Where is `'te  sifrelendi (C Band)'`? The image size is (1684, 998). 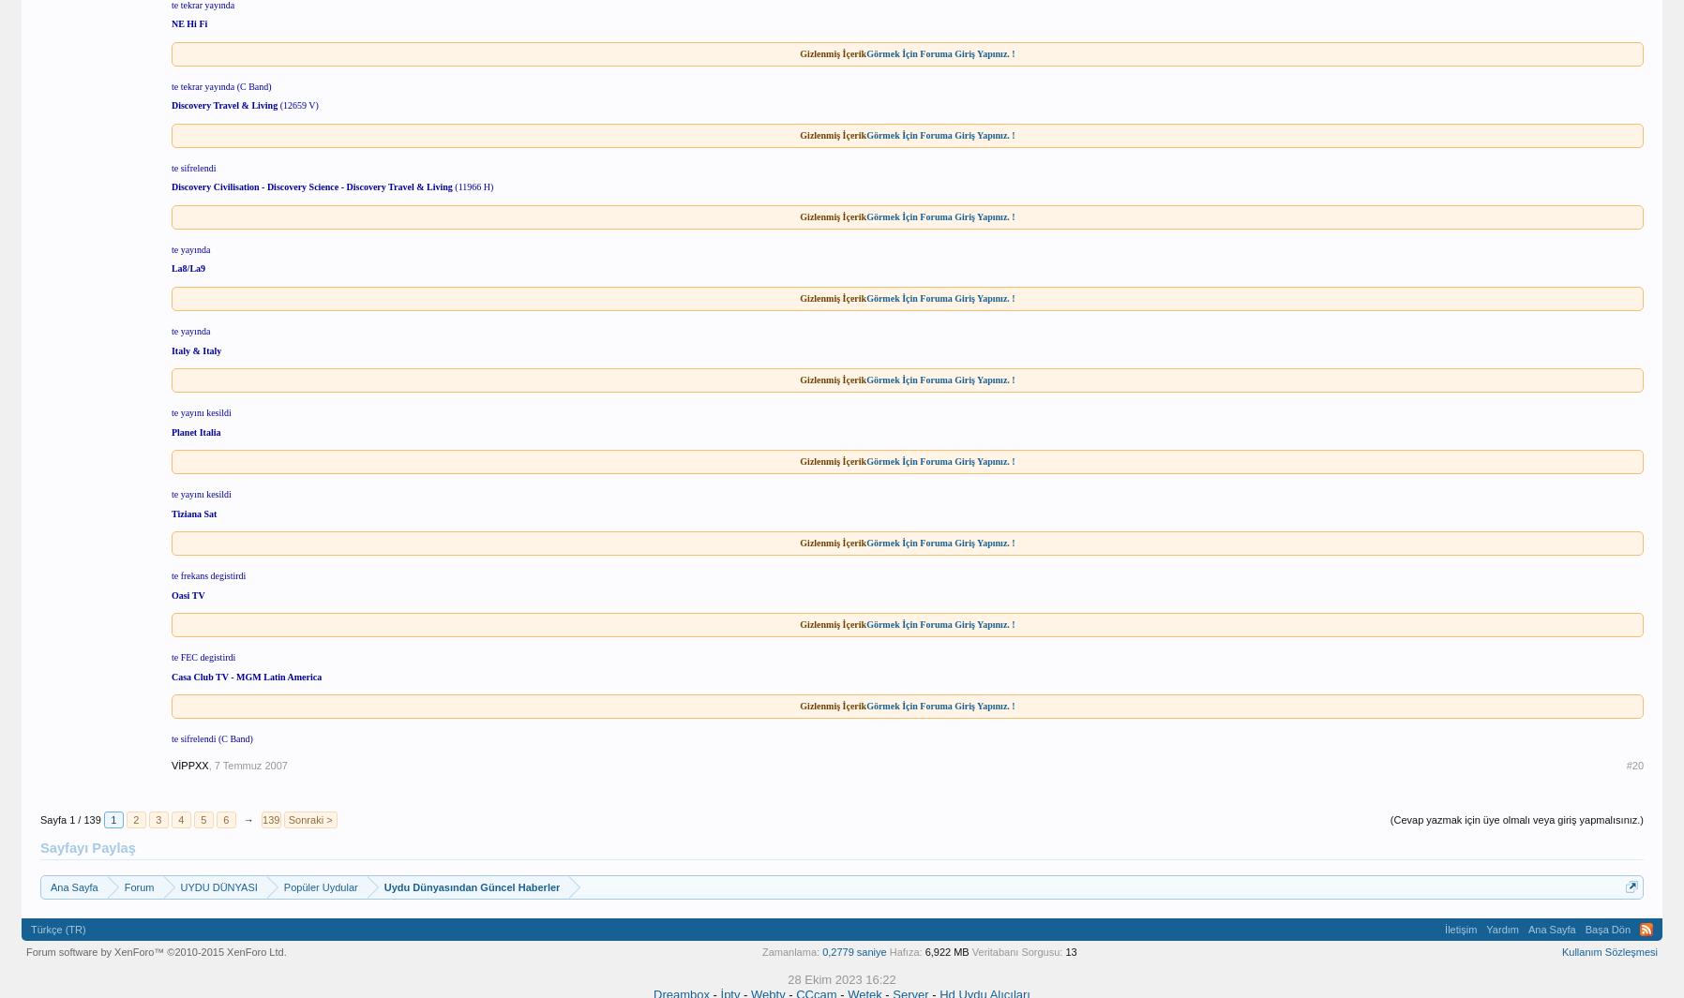 'te  sifrelendi (C Band)' is located at coordinates (210, 738).